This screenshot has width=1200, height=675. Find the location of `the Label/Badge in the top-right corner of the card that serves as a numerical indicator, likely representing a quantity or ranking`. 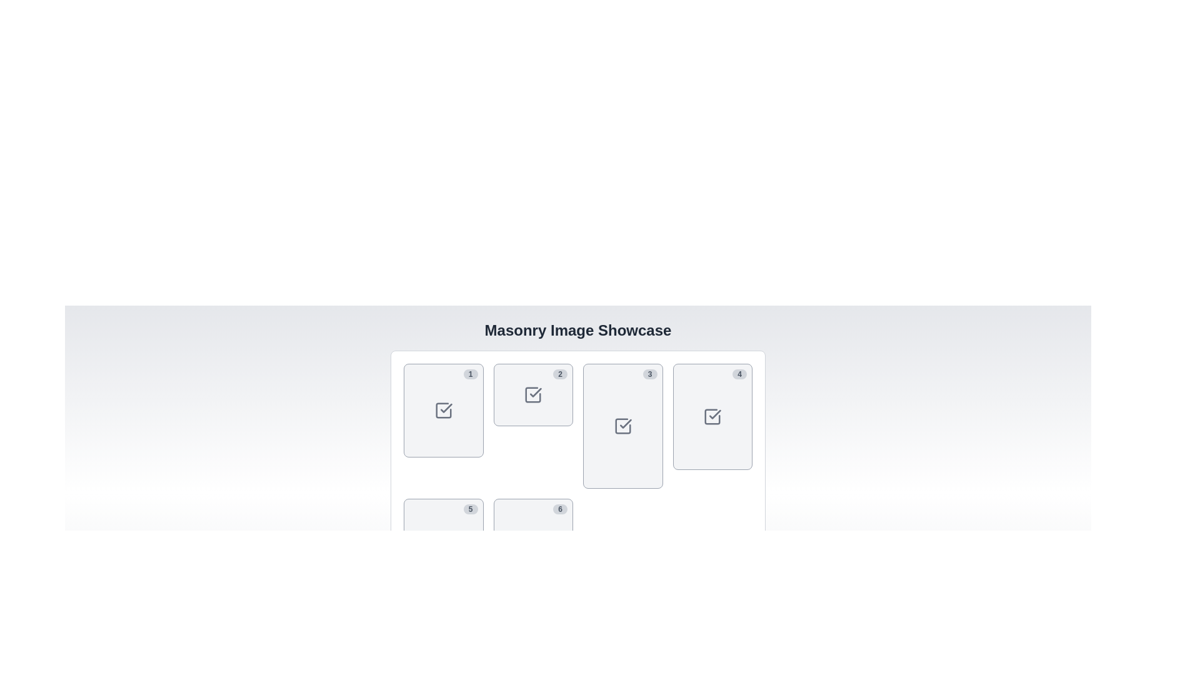

the Label/Badge in the top-right corner of the card that serves as a numerical indicator, likely representing a quantity or ranking is located at coordinates (650, 373).